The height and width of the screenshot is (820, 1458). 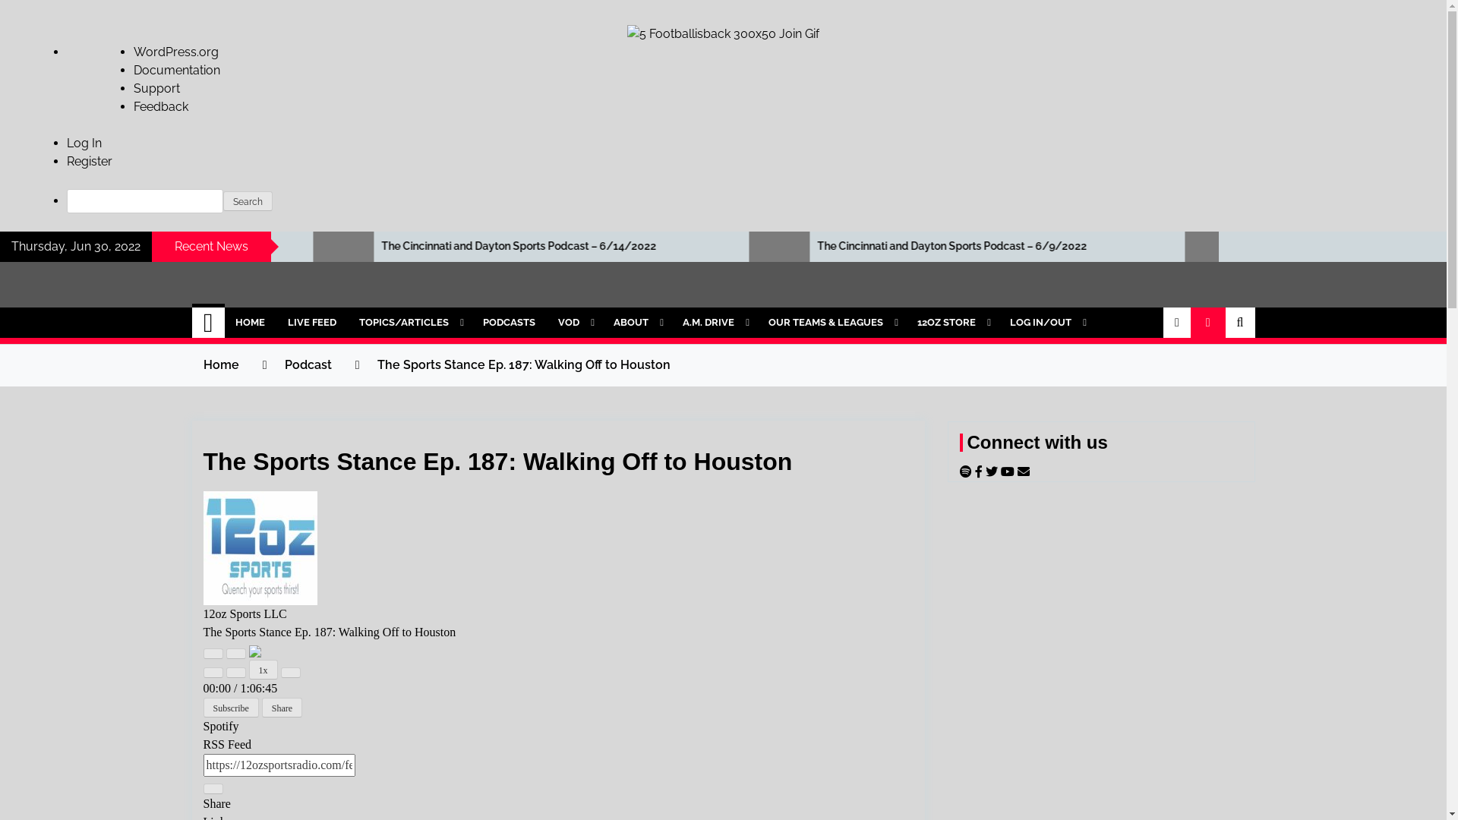 What do you see at coordinates (160, 106) in the screenshot?
I see `'Feedback'` at bounding box center [160, 106].